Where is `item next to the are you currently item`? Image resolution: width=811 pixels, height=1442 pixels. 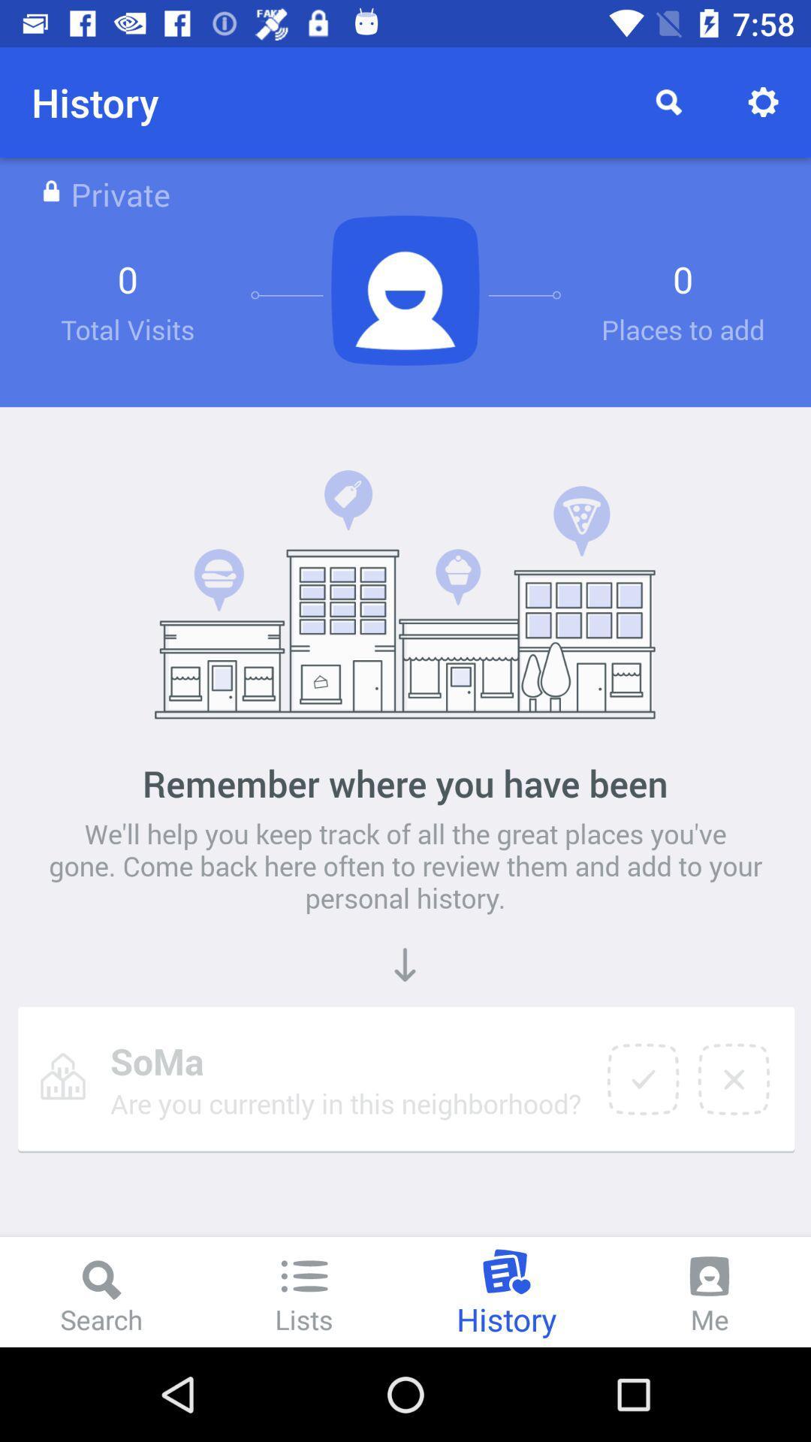
item next to the are you currently item is located at coordinates (642, 1078).